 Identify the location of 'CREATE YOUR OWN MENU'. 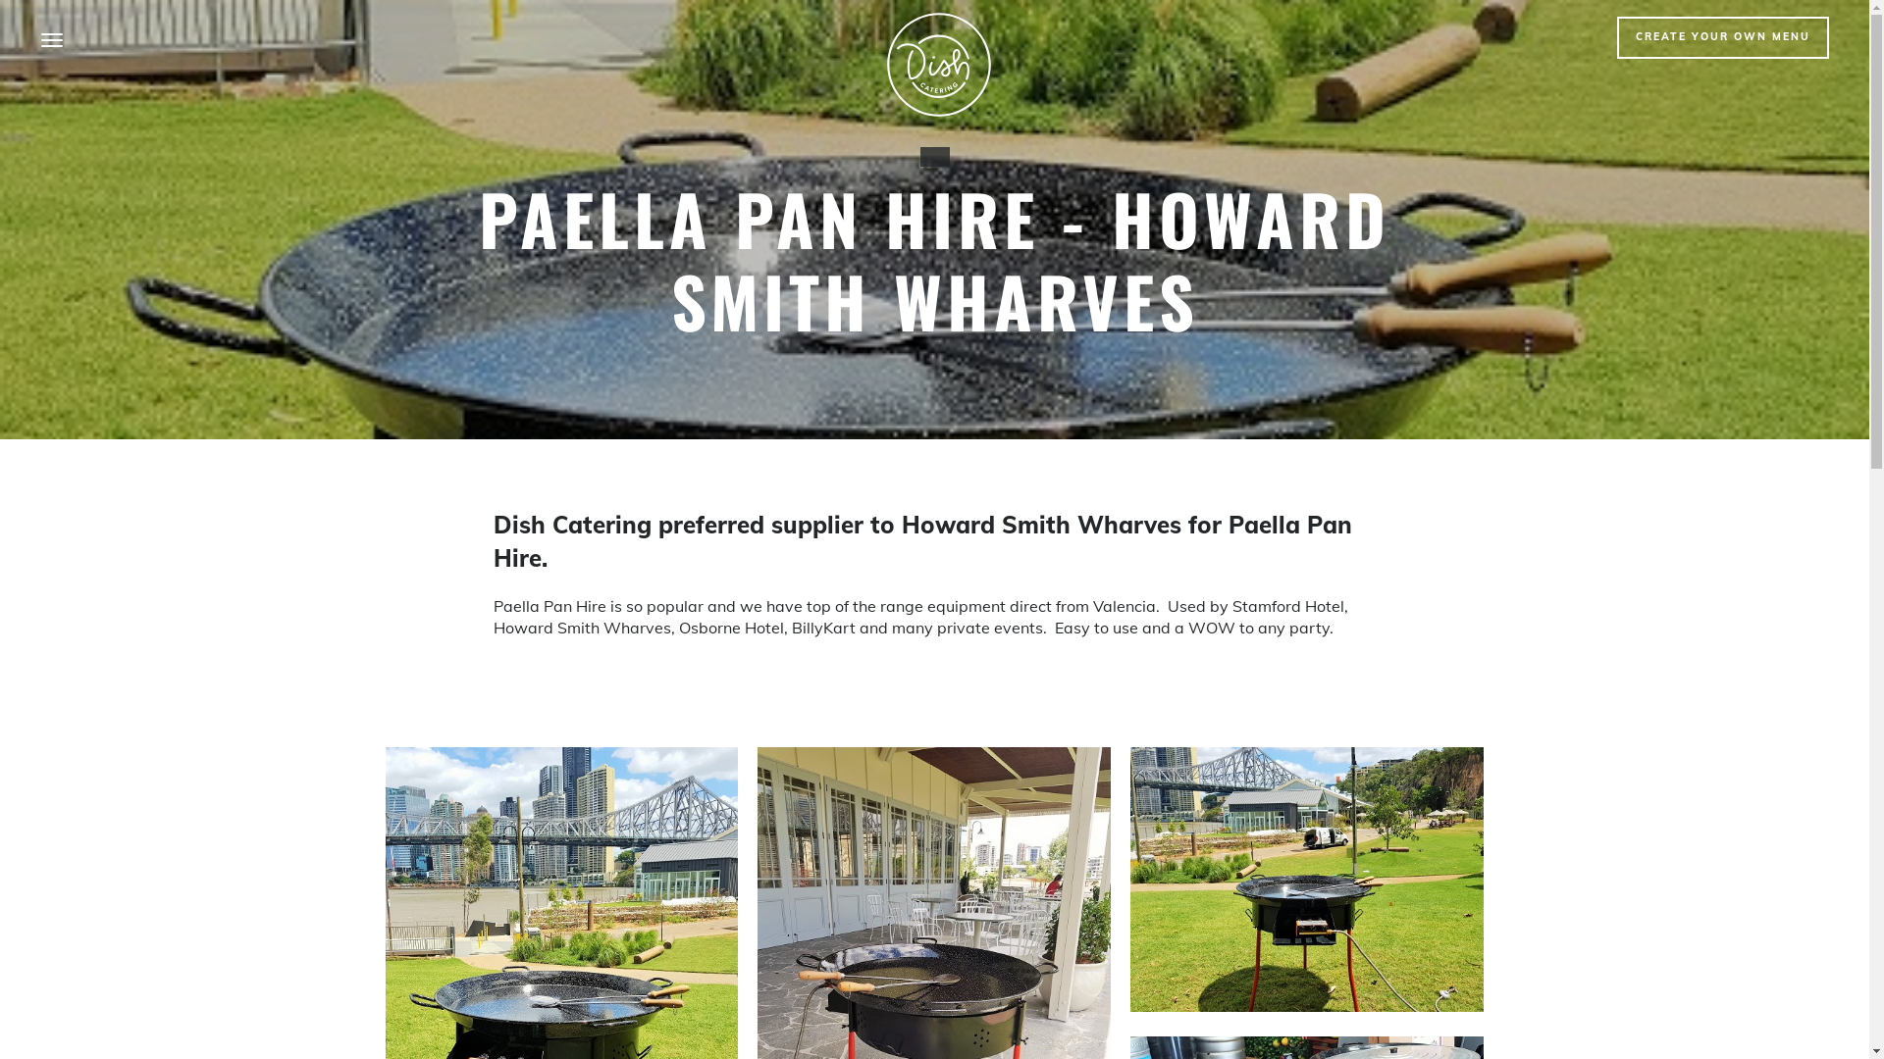
(1722, 37).